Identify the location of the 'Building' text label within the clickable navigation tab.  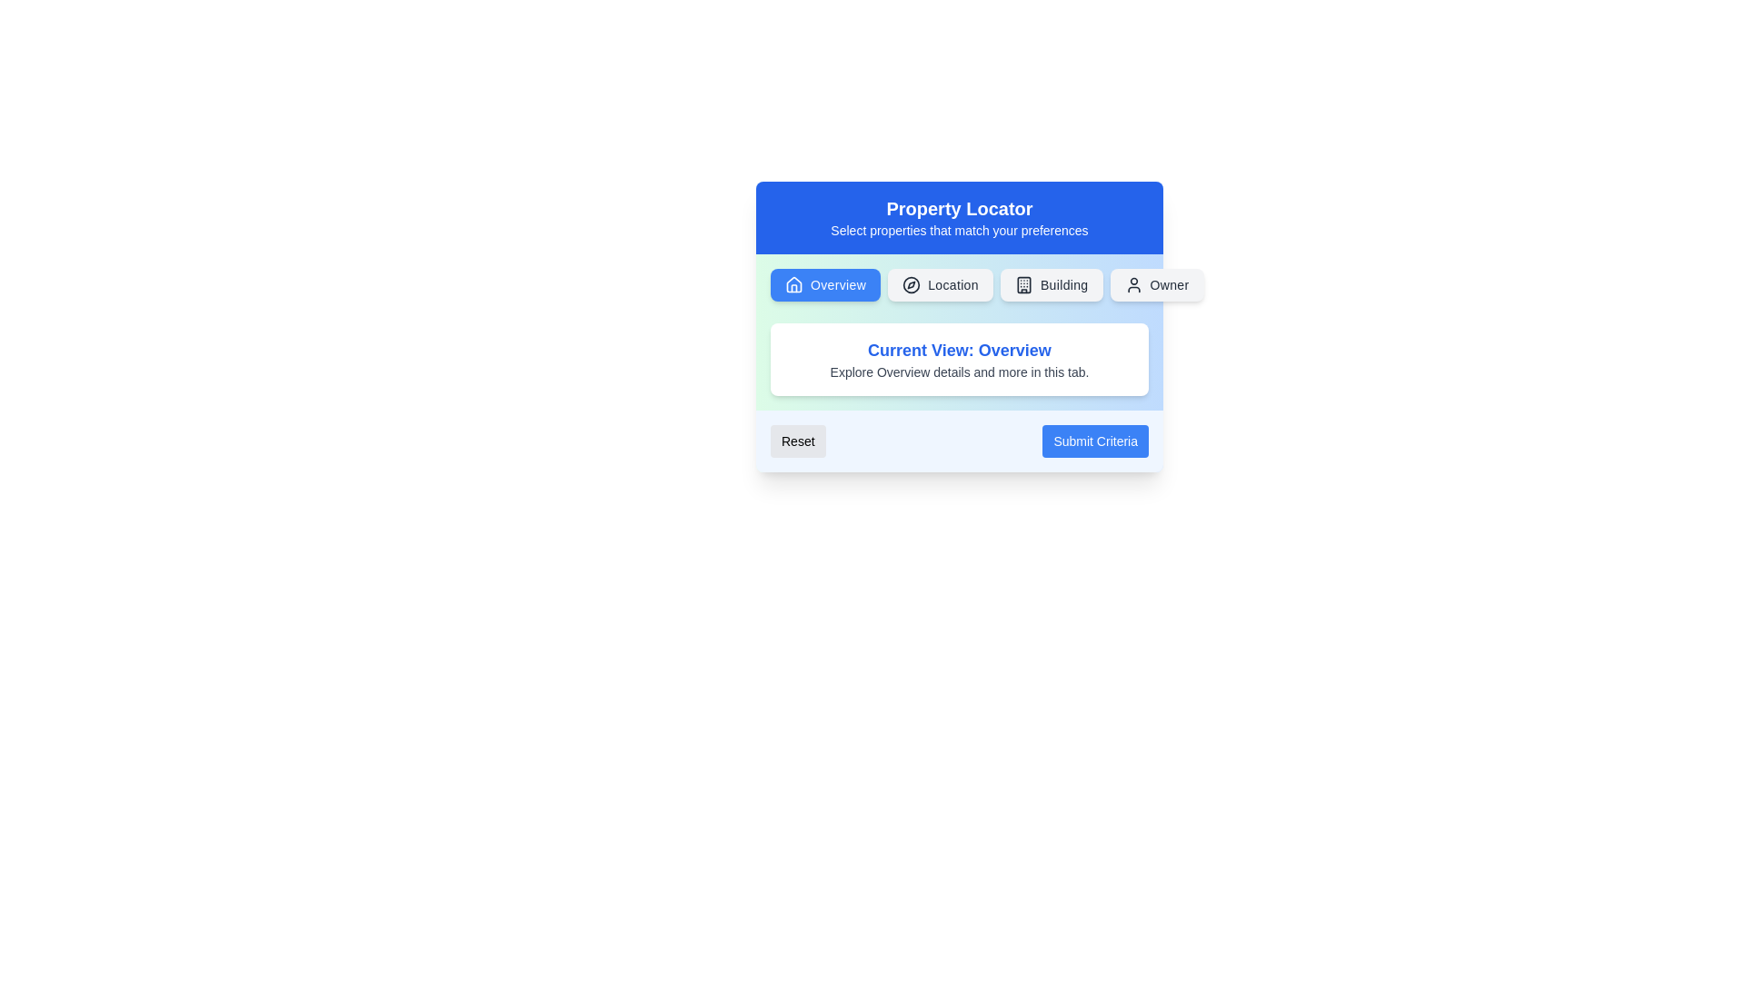
(1064, 284).